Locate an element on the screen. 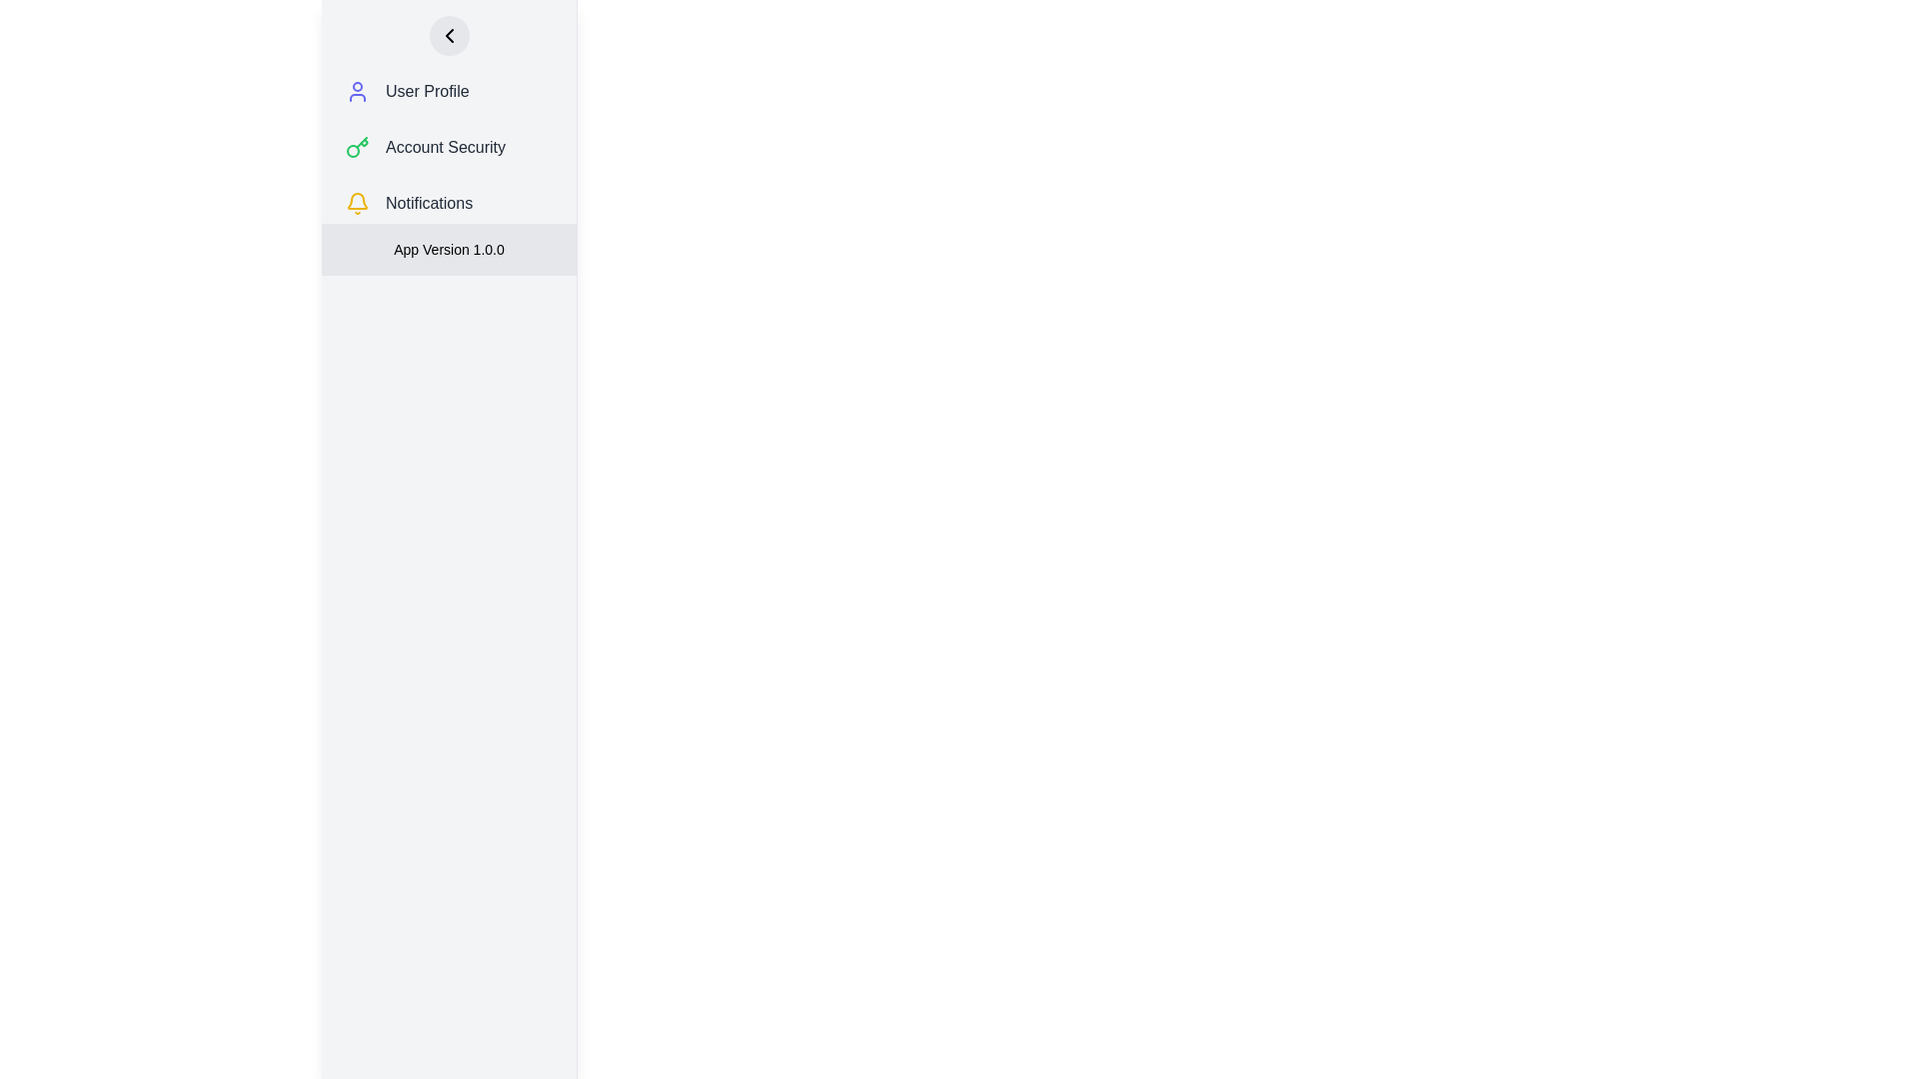 Image resolution: width=1919 pixels, height=1079 pixels. the 'Account Security' option in the navigation menu located in the central area of the sidebar is located at coordinates (448, 146).